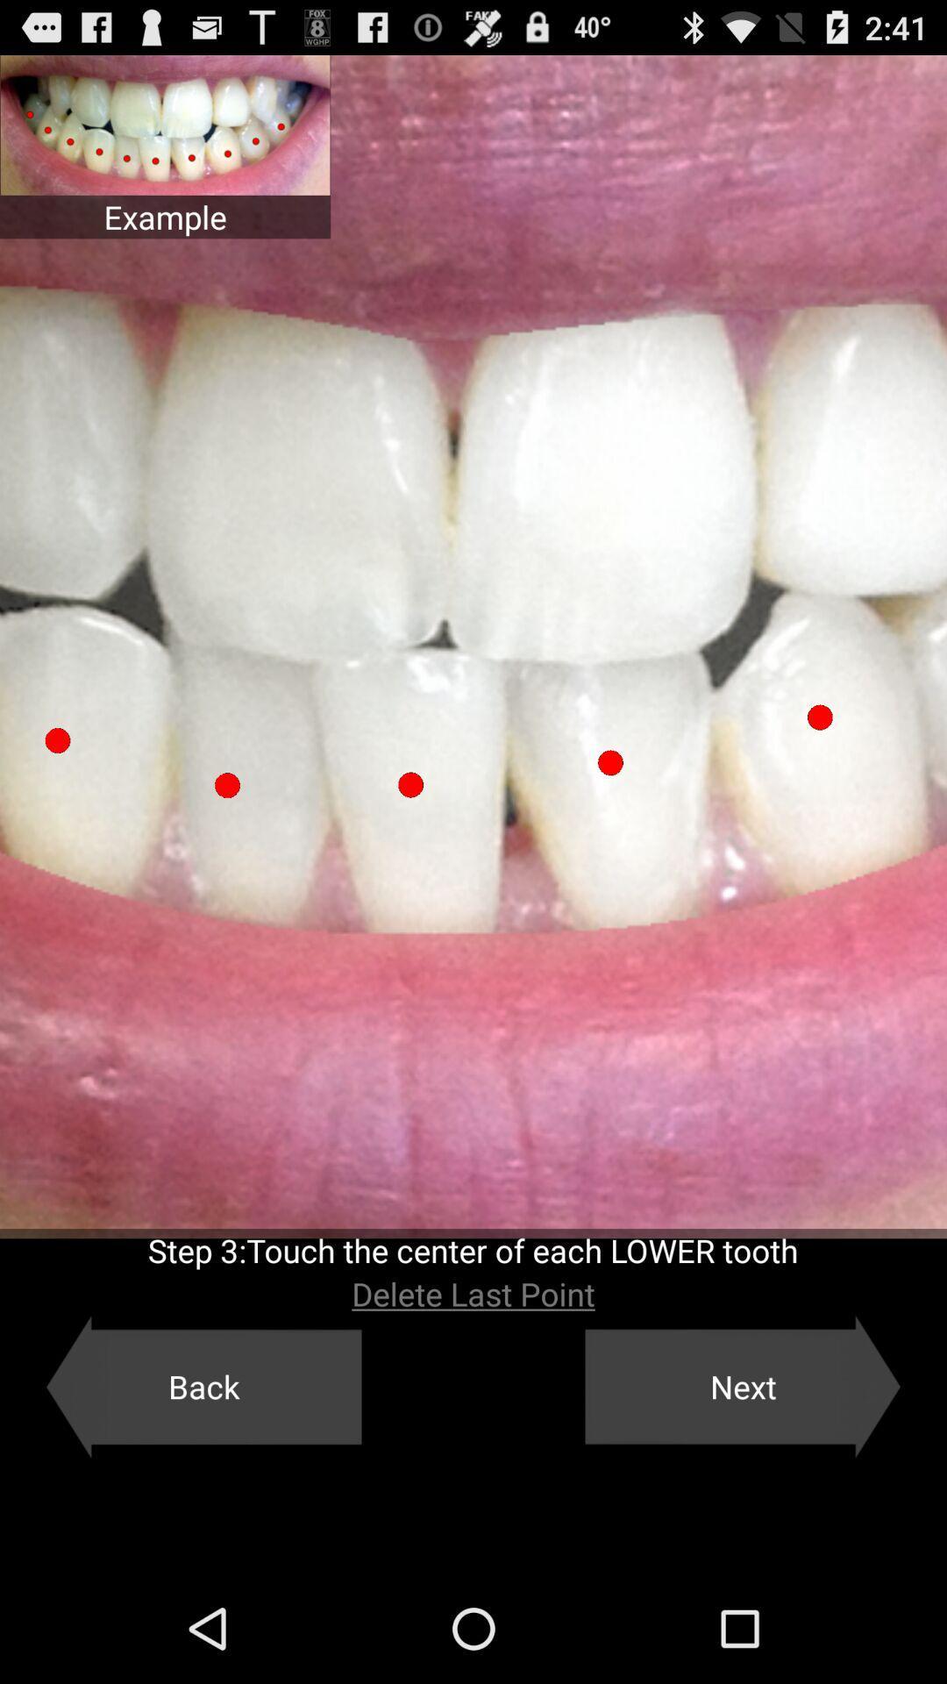  What do you see at coordinates (743, 1386) in the screenshot?
I see `the next button` at bounding box center [743, 1386].